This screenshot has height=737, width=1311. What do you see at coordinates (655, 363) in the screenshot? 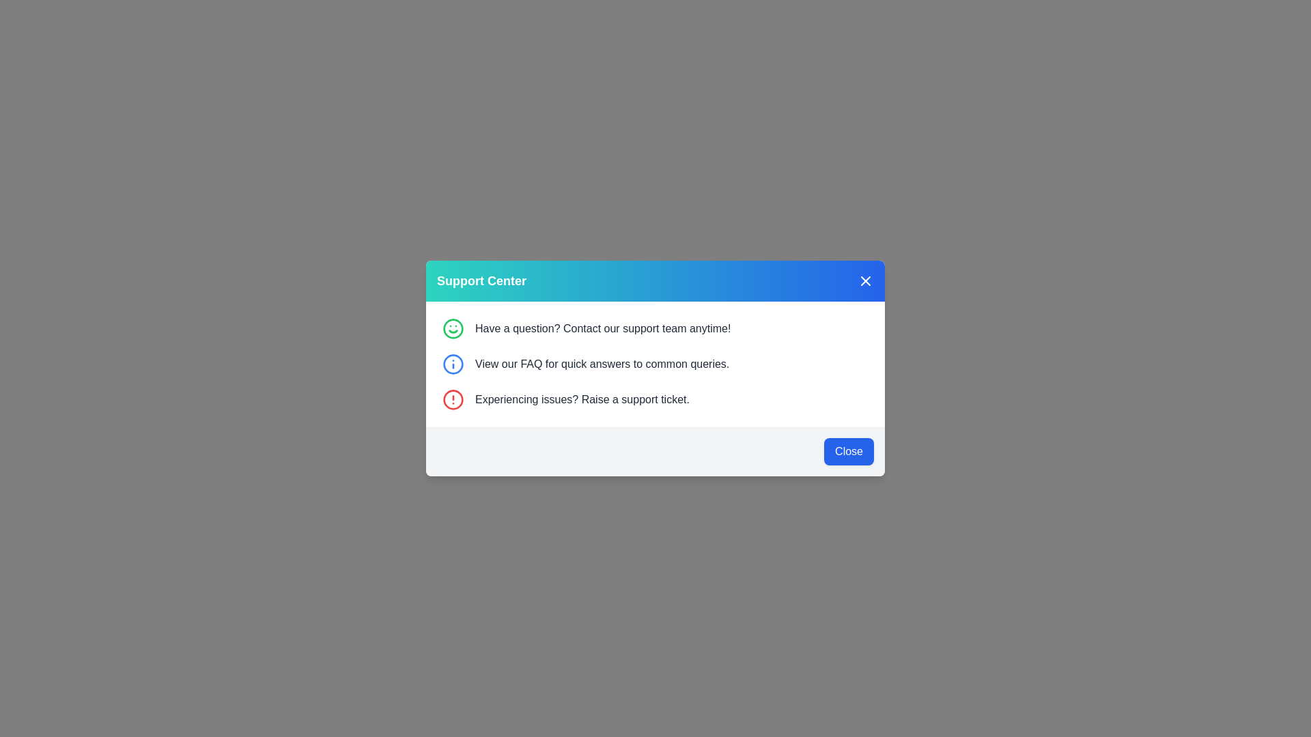
I see `the informational text with an associated icon that reads 'View our FAQ for quick answers to common queries' in the Support Center dialog box` at bounding box center [655, 363].